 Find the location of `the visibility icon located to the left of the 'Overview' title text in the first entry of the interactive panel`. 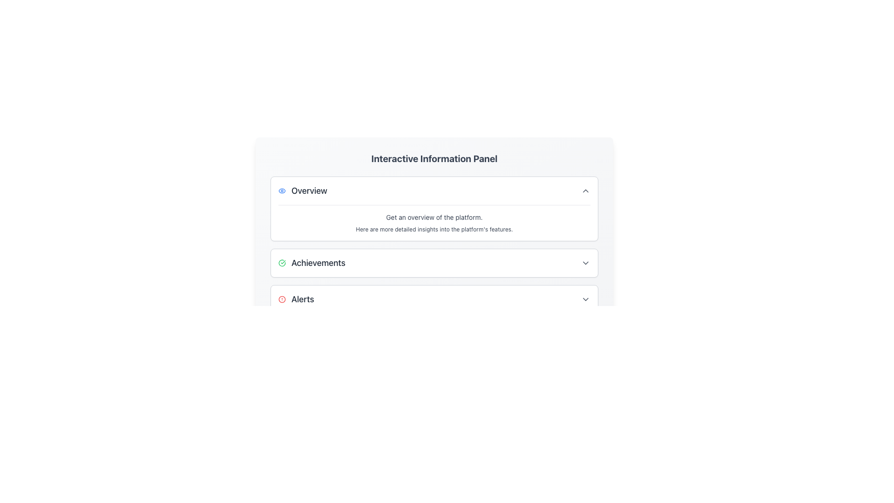

the visibility icon located to the left of the 'Overview' title text in the first entry of the interactive panel is located at coordinates (281, 190).